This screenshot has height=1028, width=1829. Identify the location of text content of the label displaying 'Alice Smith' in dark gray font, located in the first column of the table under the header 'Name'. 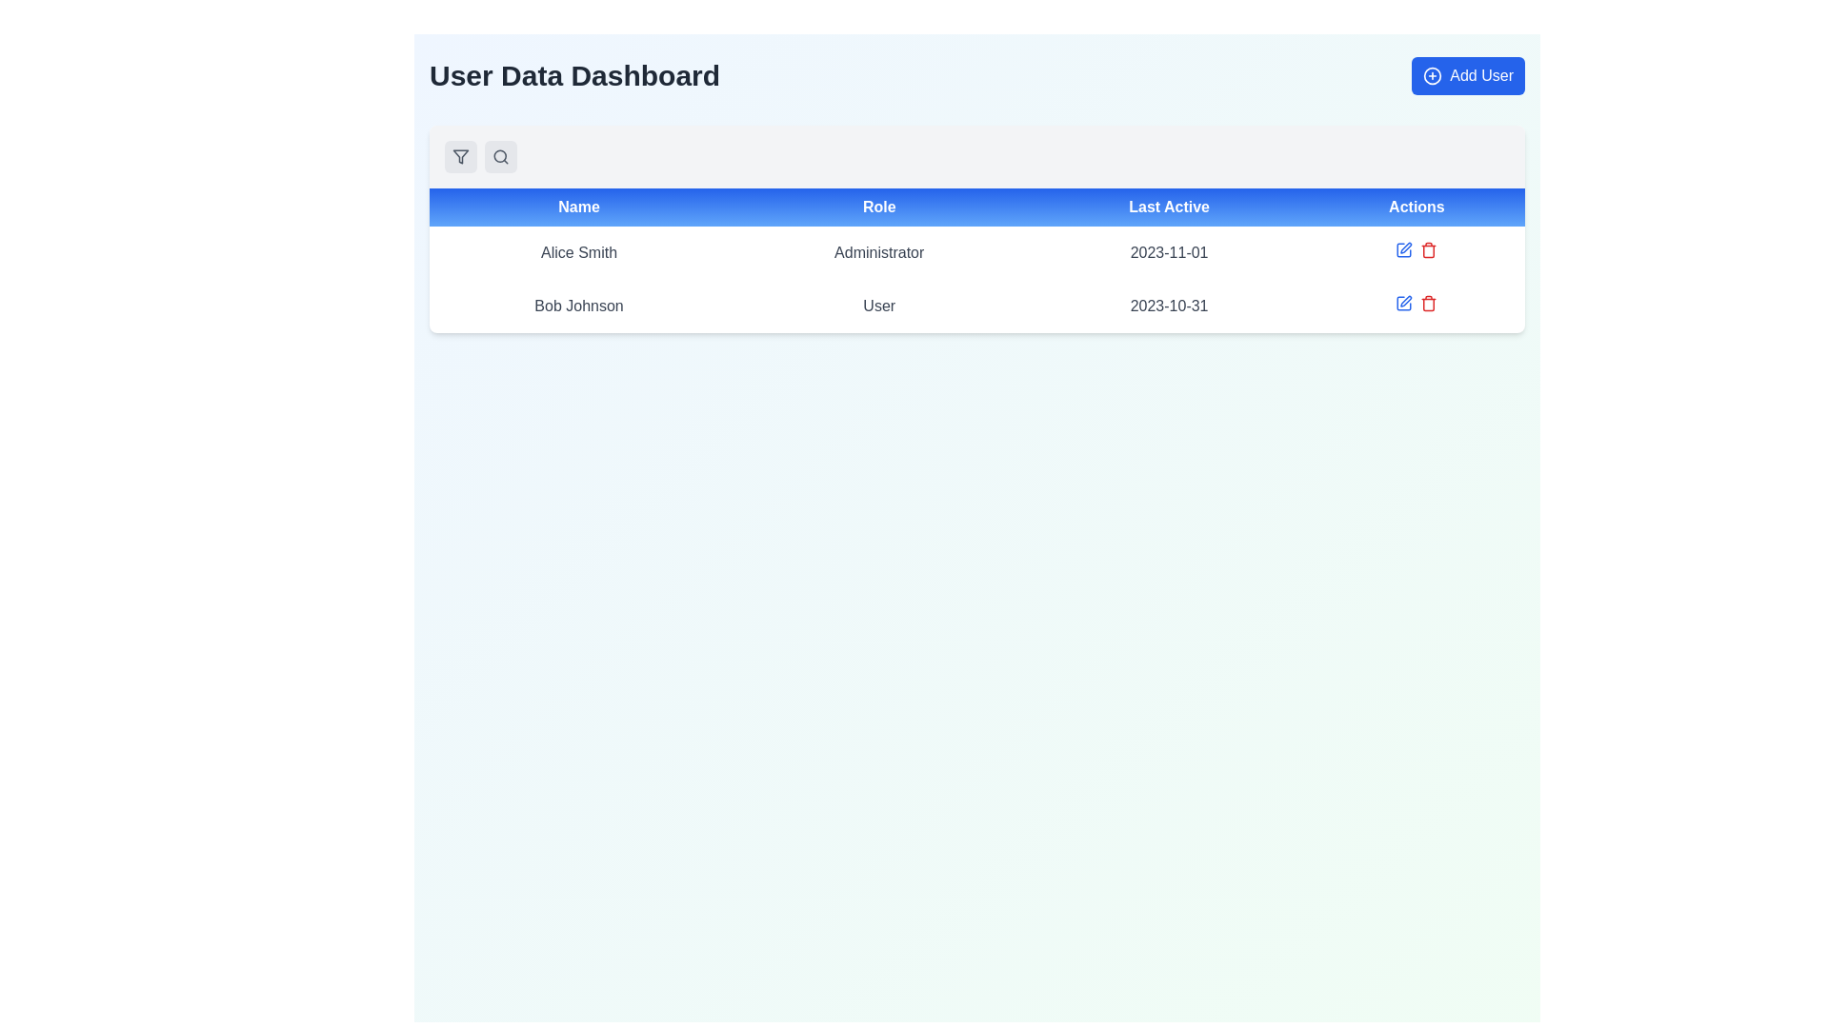
(578, 252).